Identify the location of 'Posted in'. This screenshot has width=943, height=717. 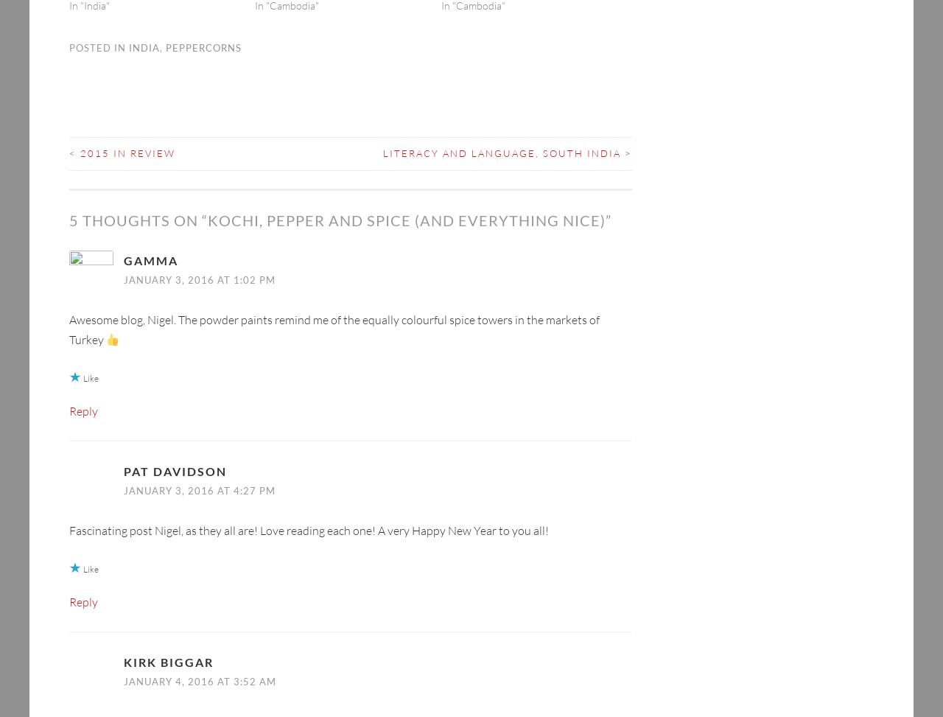
(68, 24).